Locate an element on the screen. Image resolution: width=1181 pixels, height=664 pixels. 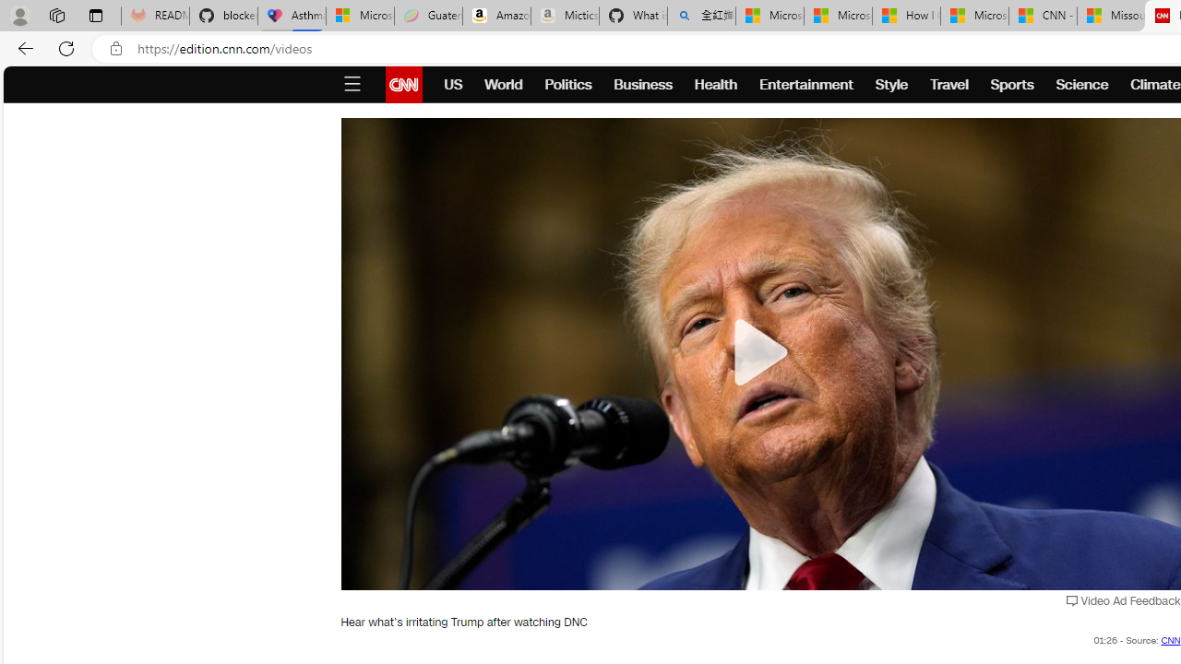
'US' is located at coordinates (453, 85).